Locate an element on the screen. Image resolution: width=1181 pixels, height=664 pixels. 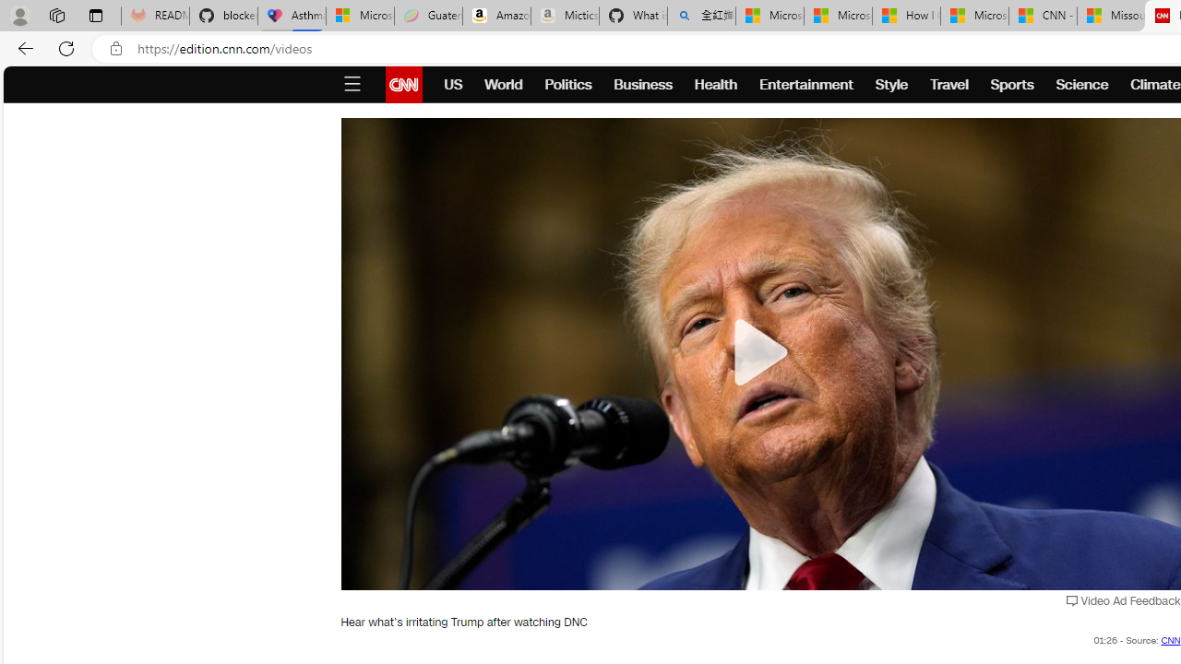
'US' is located at coordinates (453, 85).